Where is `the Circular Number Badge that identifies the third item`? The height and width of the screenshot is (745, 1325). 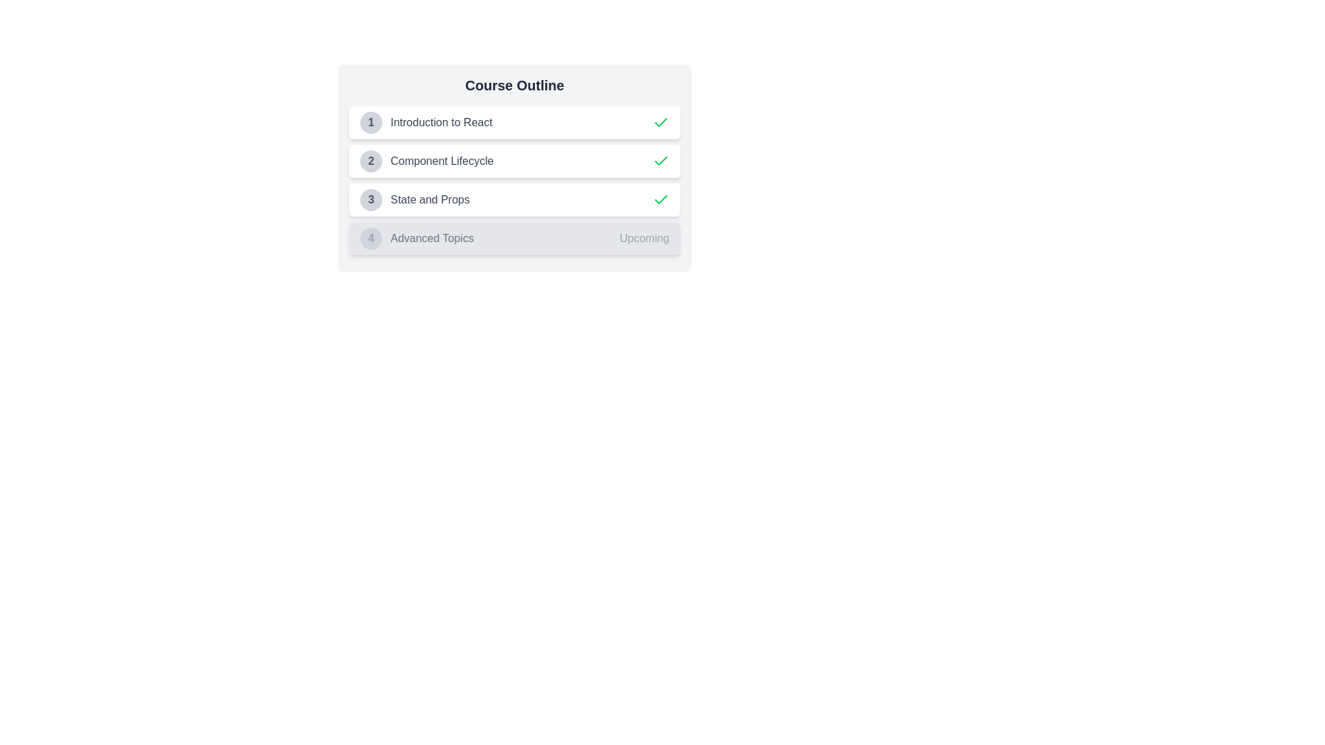 the Circular Number Badge that identifies the third item is located at coordinates (371, 199).